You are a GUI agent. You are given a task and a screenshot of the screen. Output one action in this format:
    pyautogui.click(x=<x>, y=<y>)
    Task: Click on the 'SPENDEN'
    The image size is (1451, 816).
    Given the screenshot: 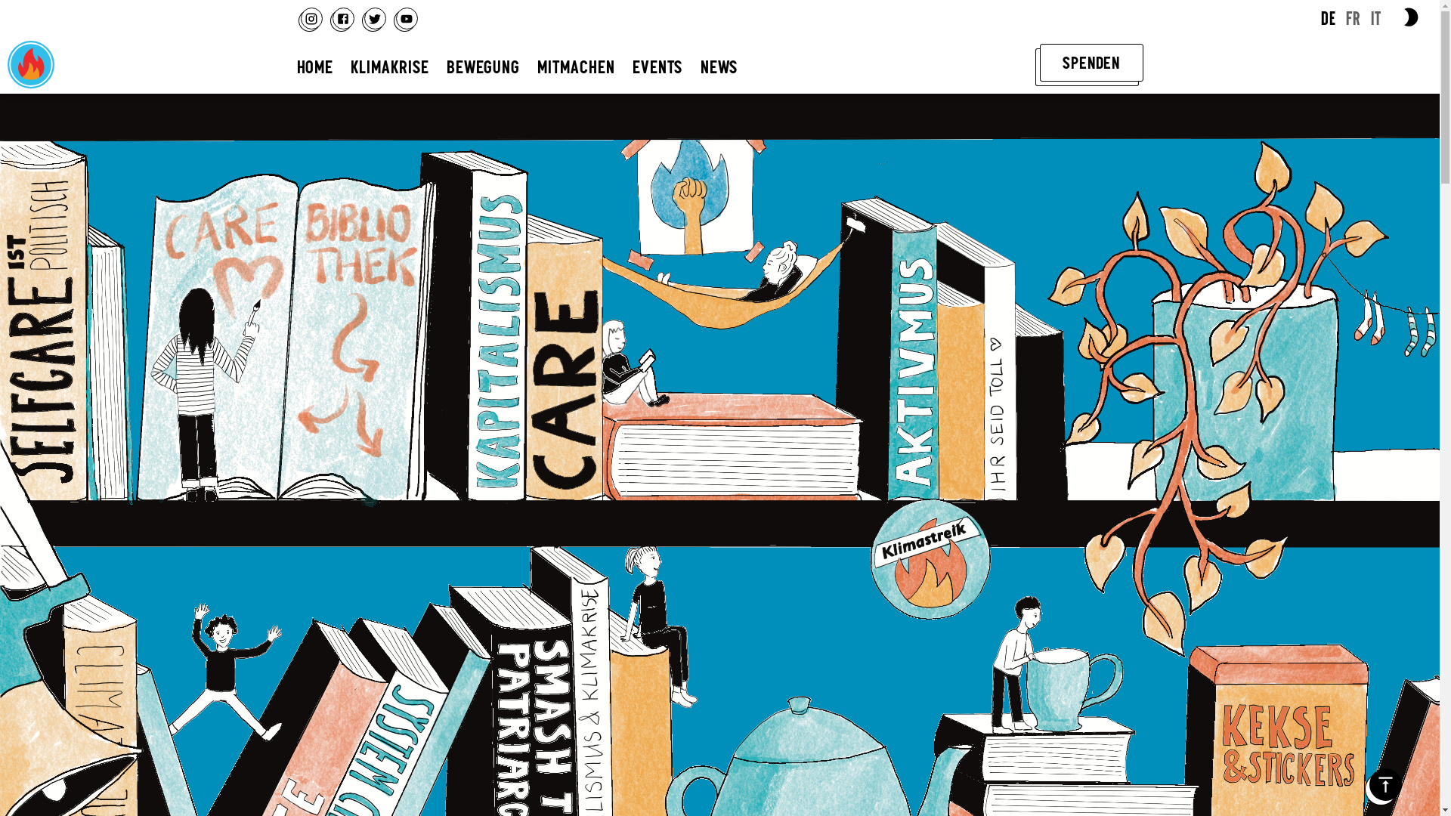 What is the action you would take?
    pyautogui.click(x=1091, y=62)
    